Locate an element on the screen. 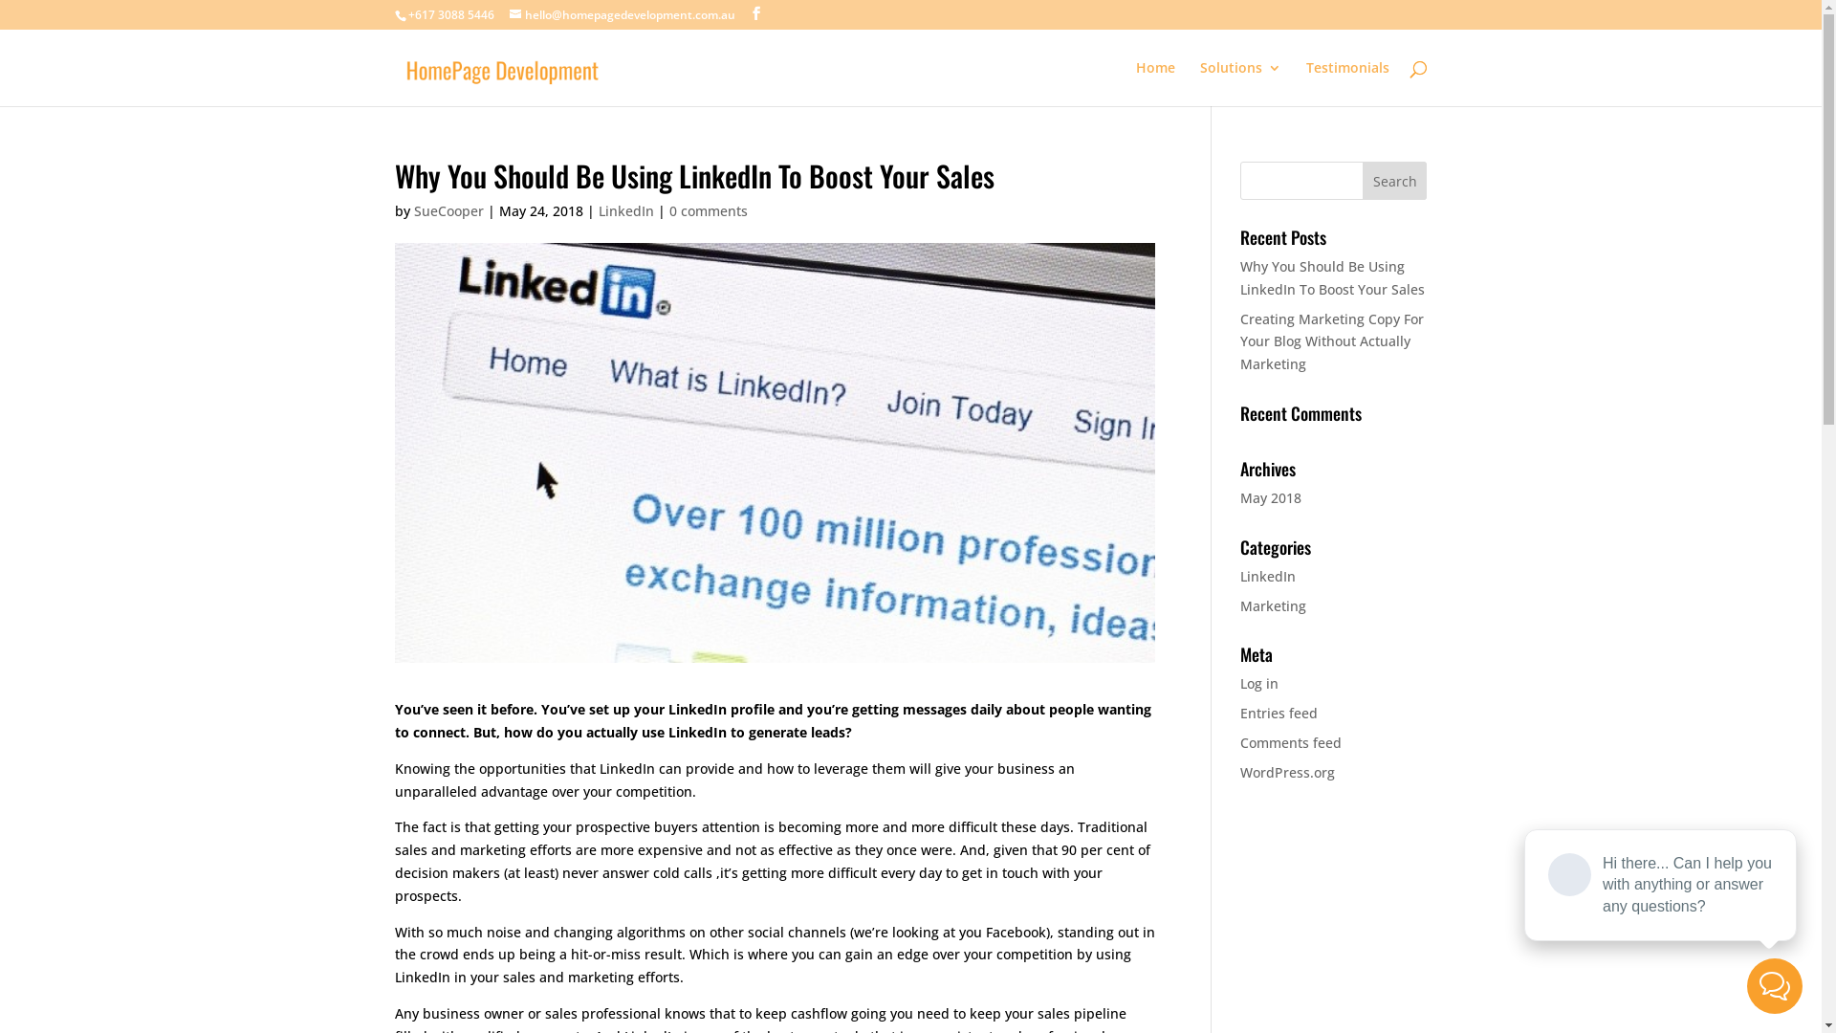  'Entries feed' is located at coordinates (1279, 713).